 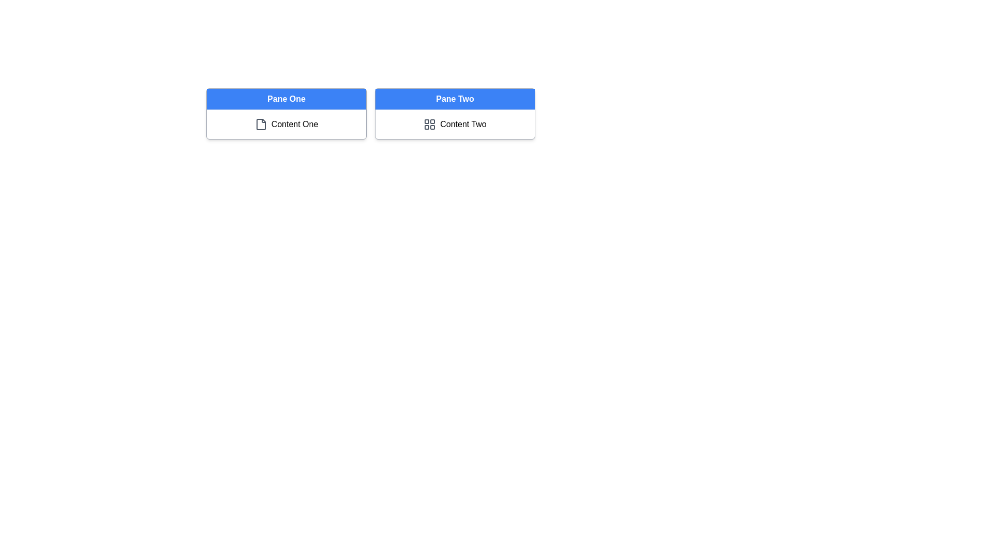 What do you see at coordinates (463, 123) in the screenshot?
I see `informational text displayed in the Text Label that shows 'Content Two', located within the right card labeled 'Pane Two'` at bounding box center [463, 123].